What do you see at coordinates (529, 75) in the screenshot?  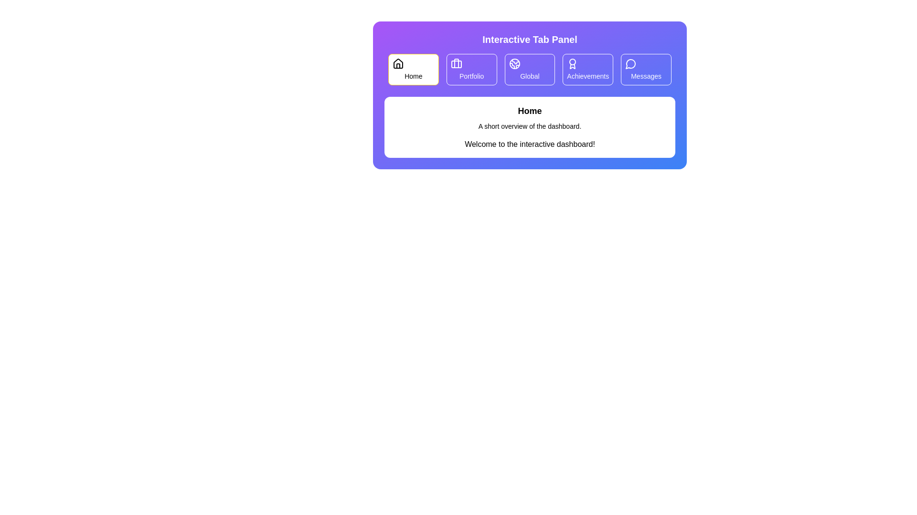 I see `the 'Global' tab label, which is the rightmost text within a purple button in the navigation bar, positioned between the 'Portfolio' and 'Achievements' buttons` at bounding box center [529, 75].